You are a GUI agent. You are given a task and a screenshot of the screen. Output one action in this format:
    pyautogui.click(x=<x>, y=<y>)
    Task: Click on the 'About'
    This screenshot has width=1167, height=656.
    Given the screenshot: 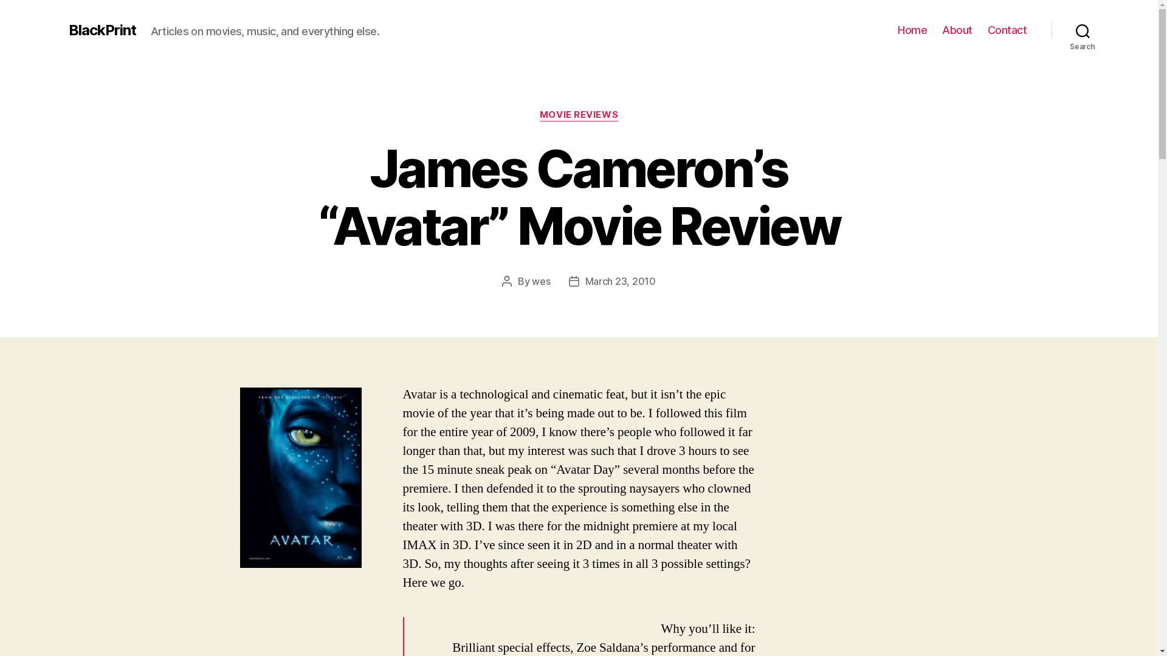 What is the action you would take?
    pyautogui.click(x=956, y=30)
    